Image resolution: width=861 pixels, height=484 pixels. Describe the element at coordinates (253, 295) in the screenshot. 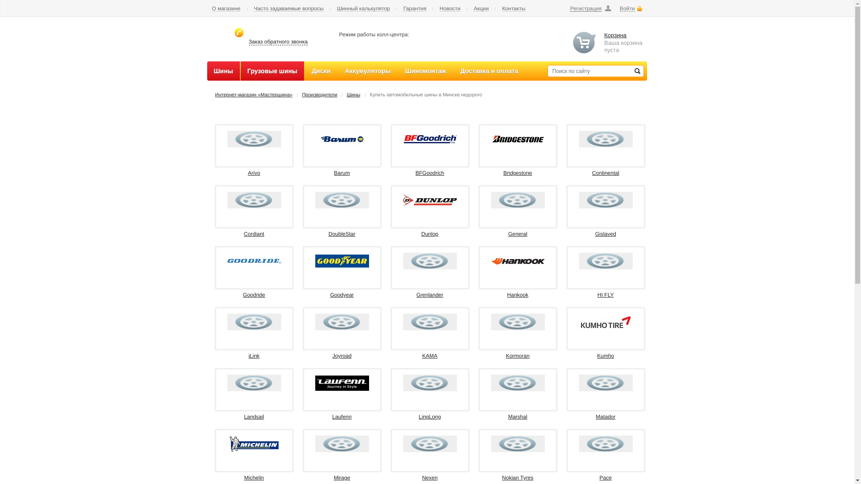

I see `'Goodride'` at that location.